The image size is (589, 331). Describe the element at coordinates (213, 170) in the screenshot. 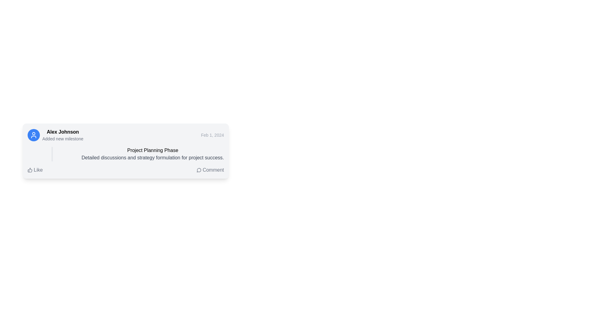

I see `the Text Label that represents the comment interaction feature located at the bottom-right area of the card section, which is associated with a speech bubble icon on the left` at that location.